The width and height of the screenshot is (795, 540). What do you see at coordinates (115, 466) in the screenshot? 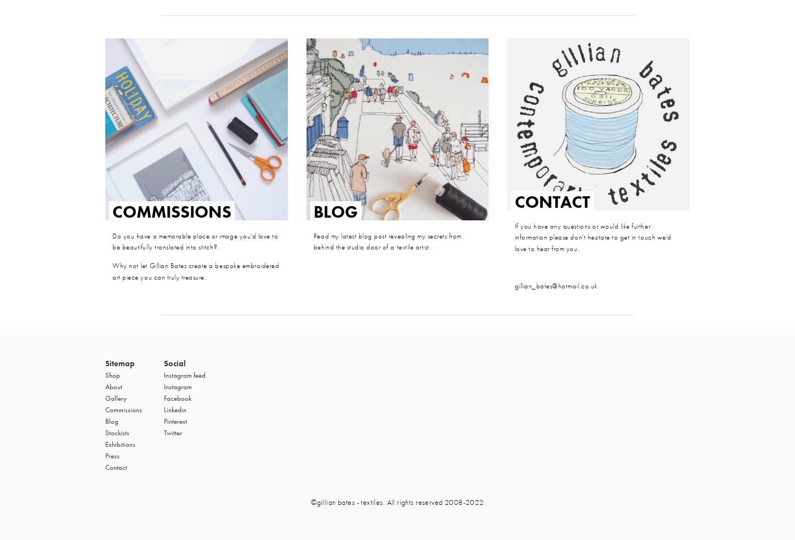
I see `'Contact'` at bounding box center [115, 466].